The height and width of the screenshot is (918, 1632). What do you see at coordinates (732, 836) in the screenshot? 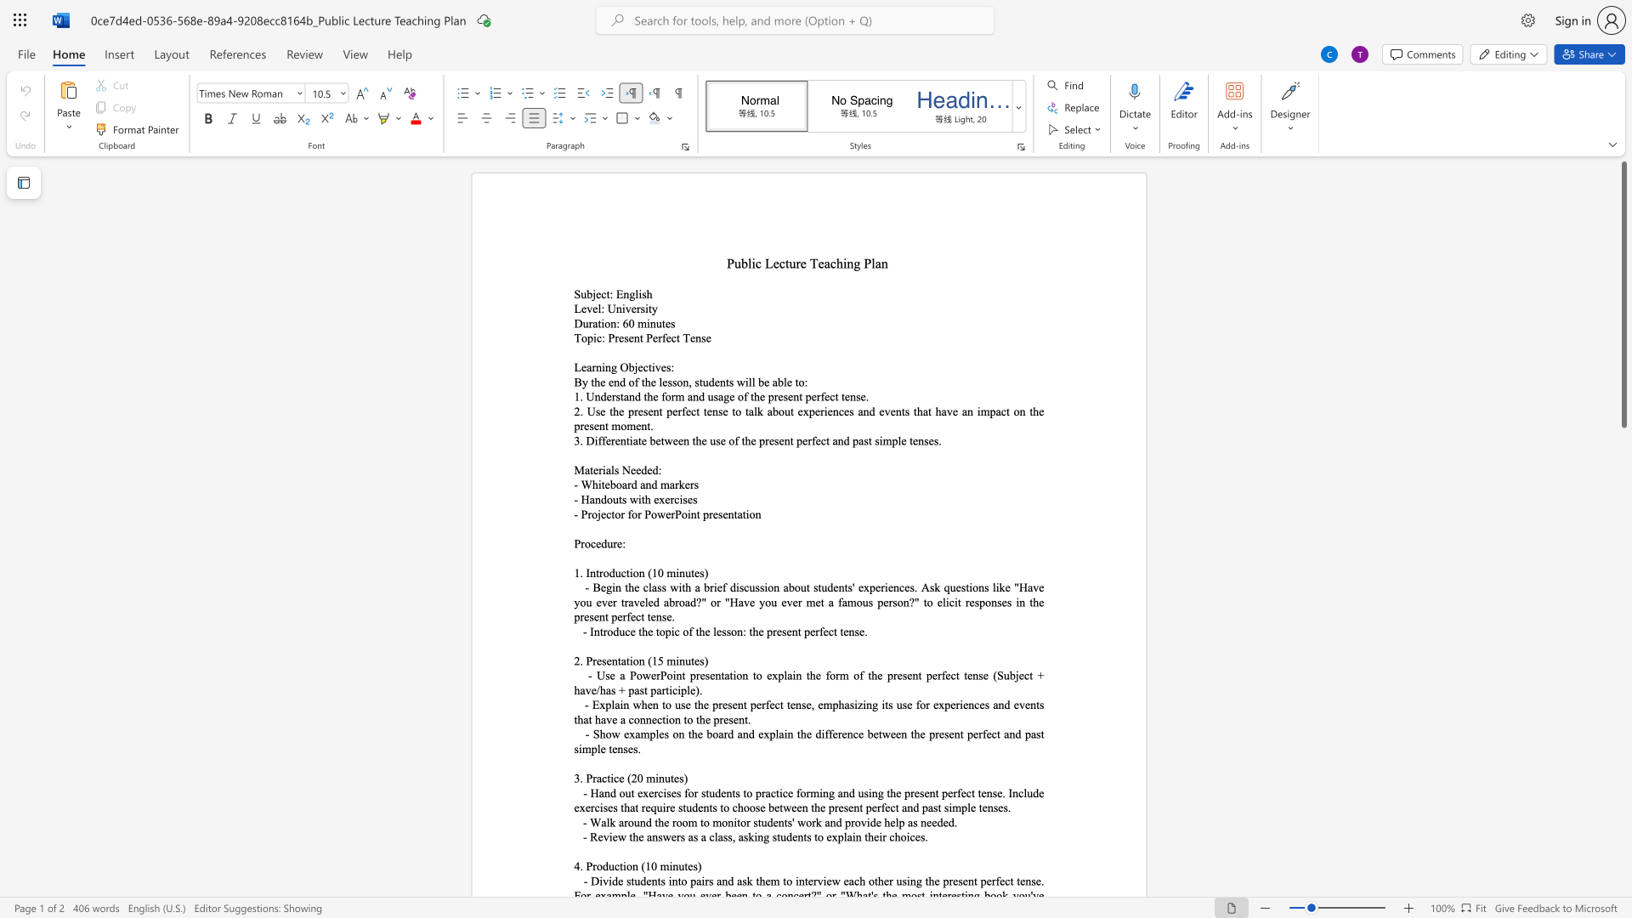
I see `the space between the continuous character "s" and "," in the text` at bounding box center [732, 836].